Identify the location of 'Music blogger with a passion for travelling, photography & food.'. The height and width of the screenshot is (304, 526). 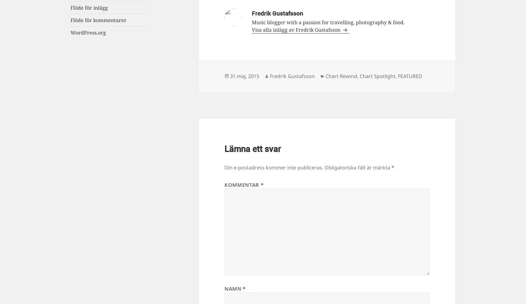
(328, 22).